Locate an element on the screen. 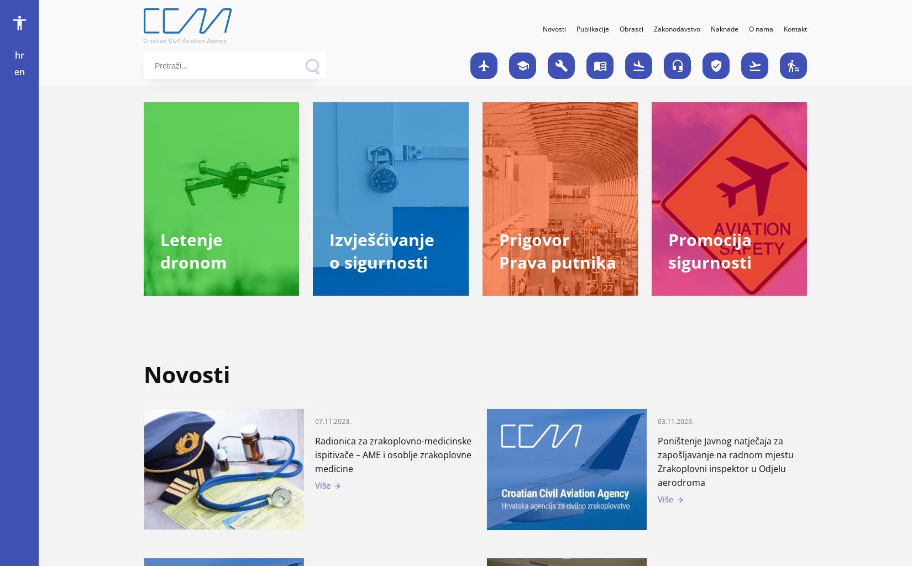 The width and height of the screenshot is (912, 566). 'Kontakt' is located at coordinates (794, 28).